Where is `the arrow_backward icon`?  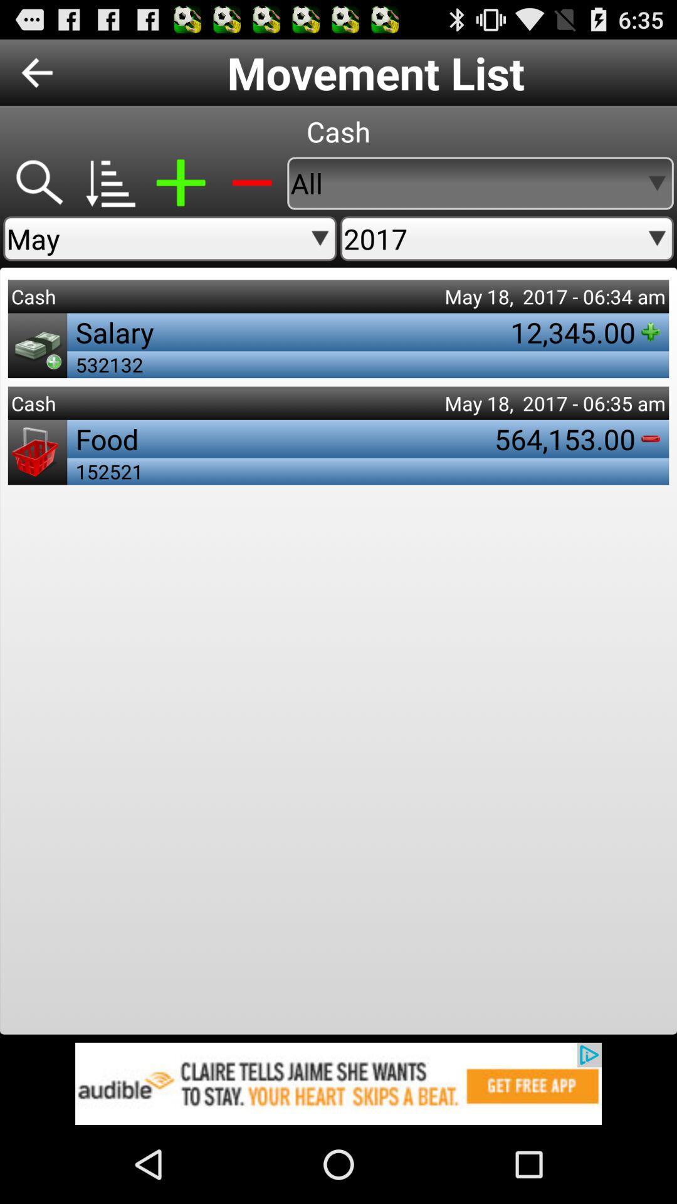 the arrow_backward icon is located at coordinates (36, 77).